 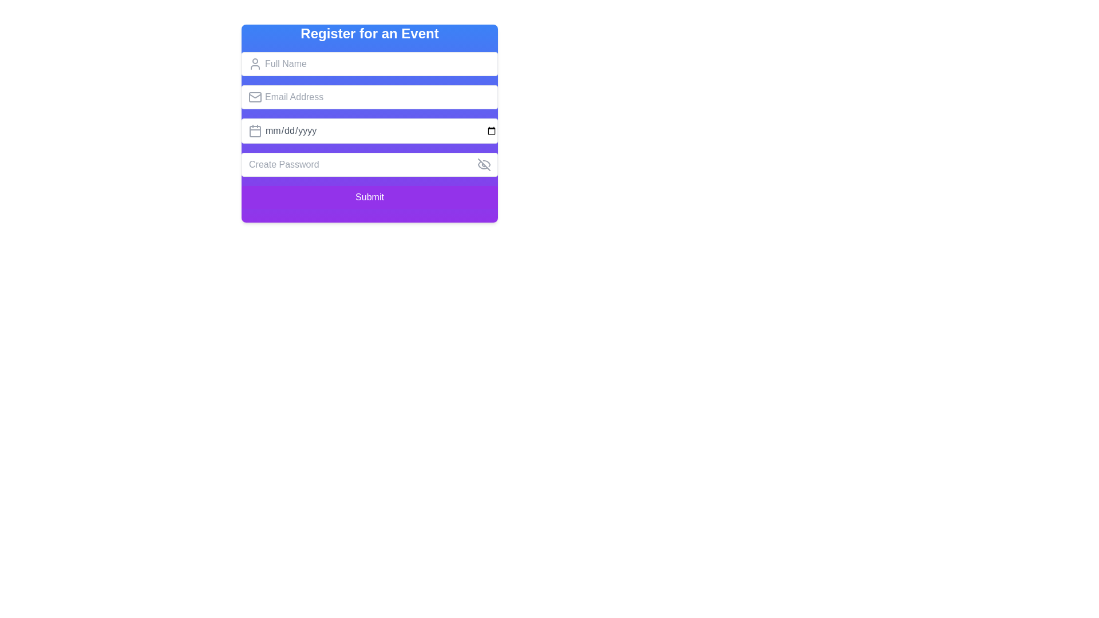 I want to click on the date input field located in the middle of the form, under the 'Email Address' field and above the 'Create Password' field, to type a date, so click(x=370, y=130).